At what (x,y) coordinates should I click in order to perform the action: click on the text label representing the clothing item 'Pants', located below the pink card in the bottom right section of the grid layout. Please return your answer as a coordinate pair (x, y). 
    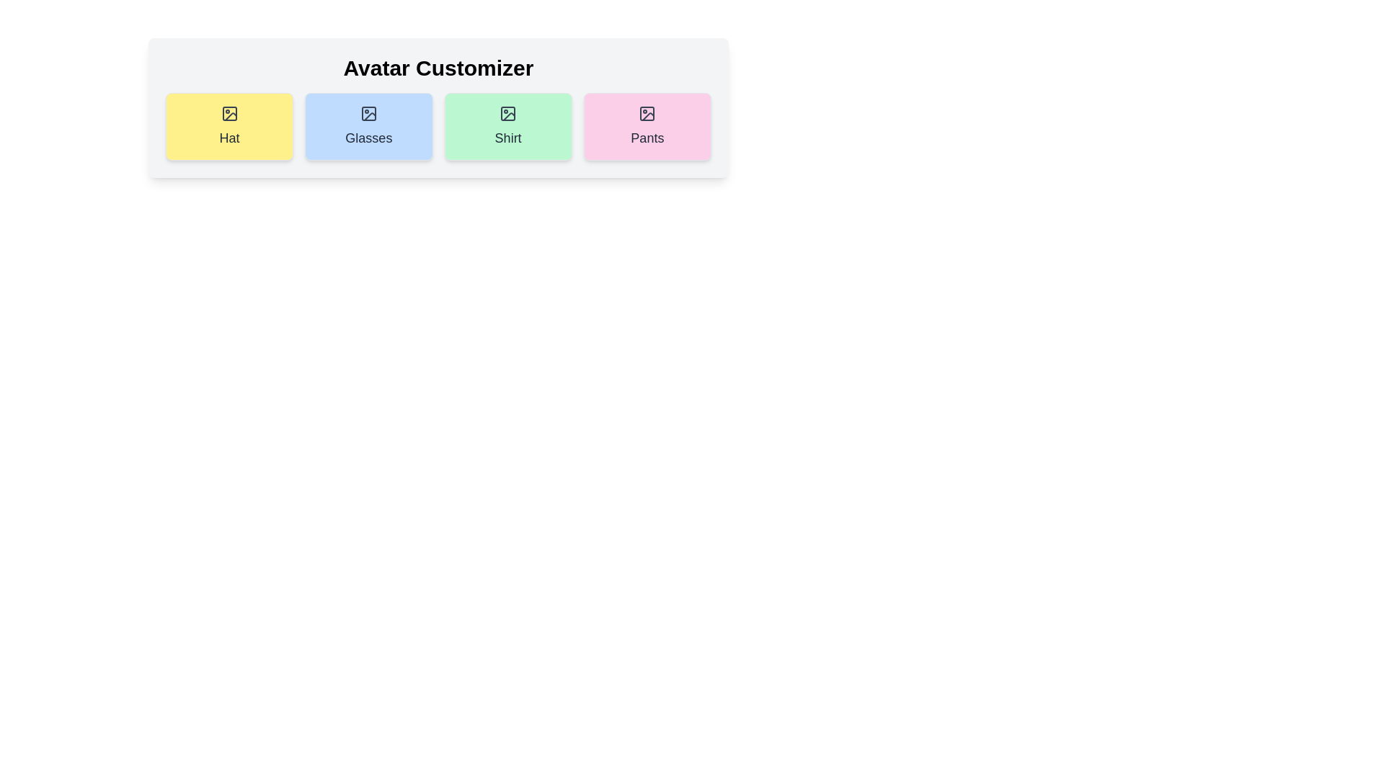
    Looking at the image, I should click on (647, 138).